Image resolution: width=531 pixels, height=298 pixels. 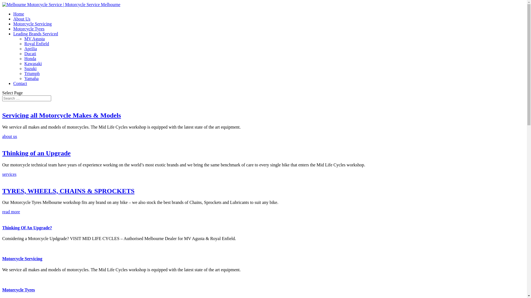 I want to click on 'TYRES, WHEELS, CHAINS & SPROCKETS', so click(x=68, y=190).